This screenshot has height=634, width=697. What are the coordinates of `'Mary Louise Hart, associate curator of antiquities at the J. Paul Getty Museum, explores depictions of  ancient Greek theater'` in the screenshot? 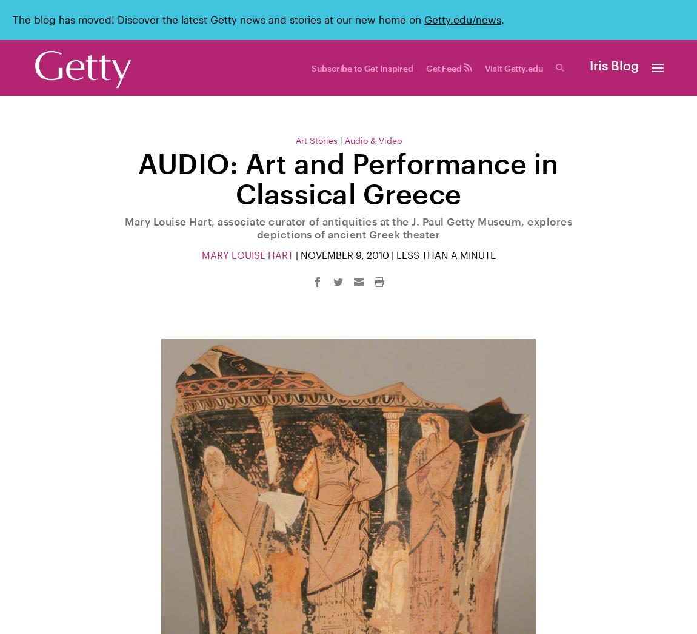 It's located at (348, 226).